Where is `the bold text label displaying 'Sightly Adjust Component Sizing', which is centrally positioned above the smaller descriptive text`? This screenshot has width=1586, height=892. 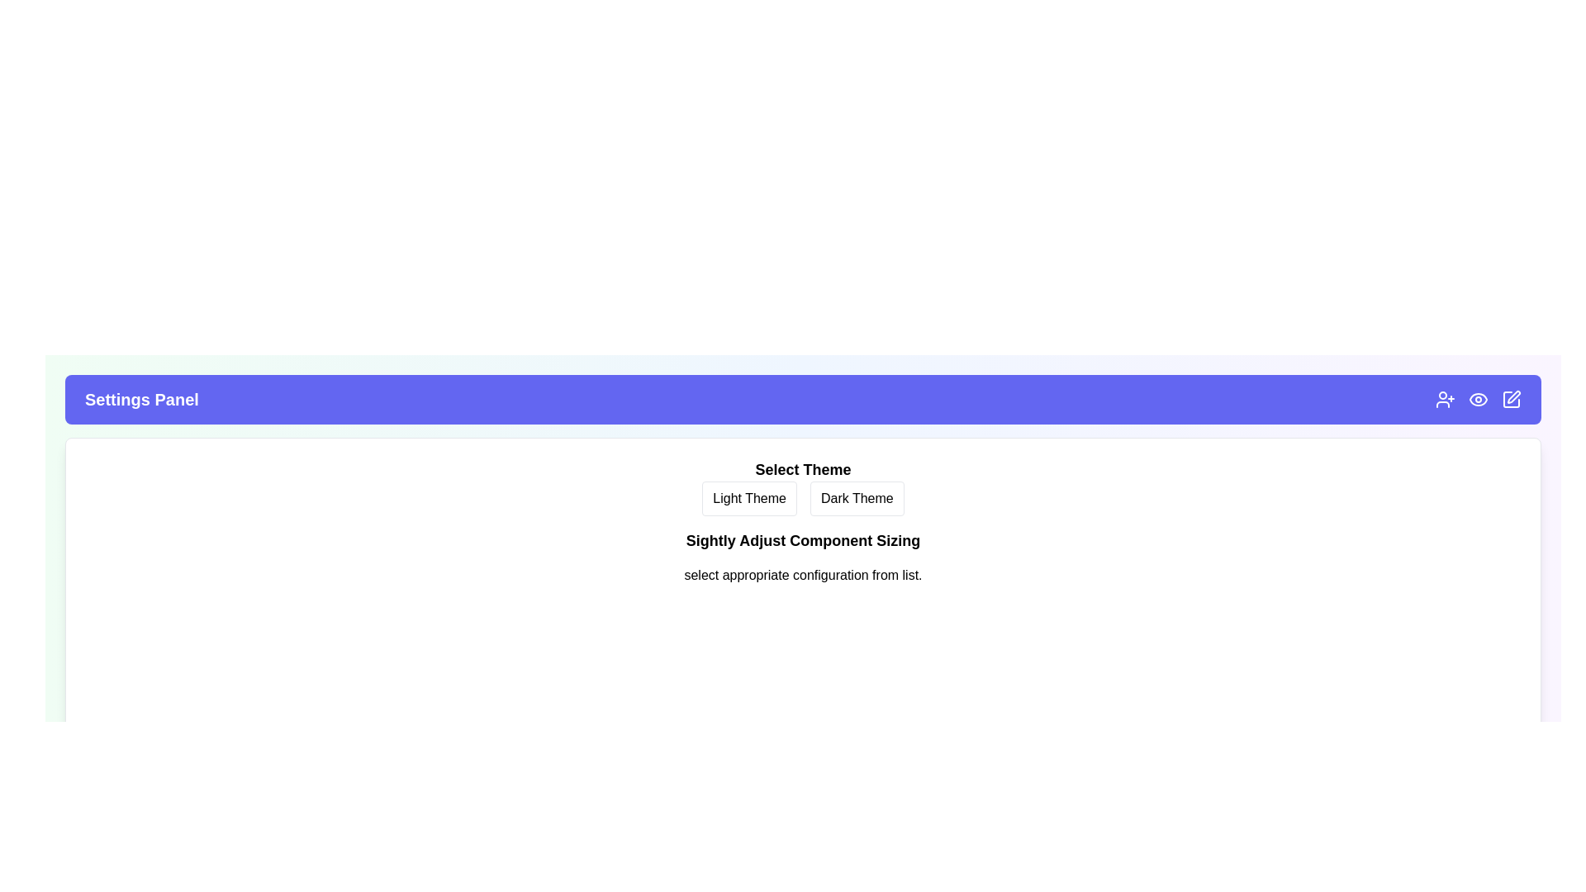
the bold text label displaying 'Sightly Adjust Component Sizing', which is centrally positioned above the smaller descriptive text is located at coordinates (803, 541).